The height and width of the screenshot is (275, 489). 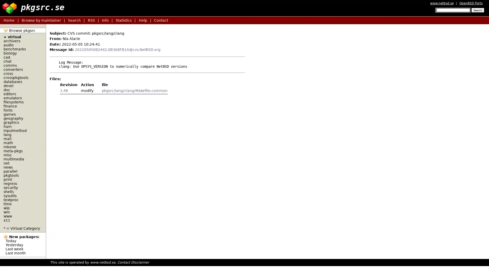 I want to click on Search, so click(x=477, y=10).